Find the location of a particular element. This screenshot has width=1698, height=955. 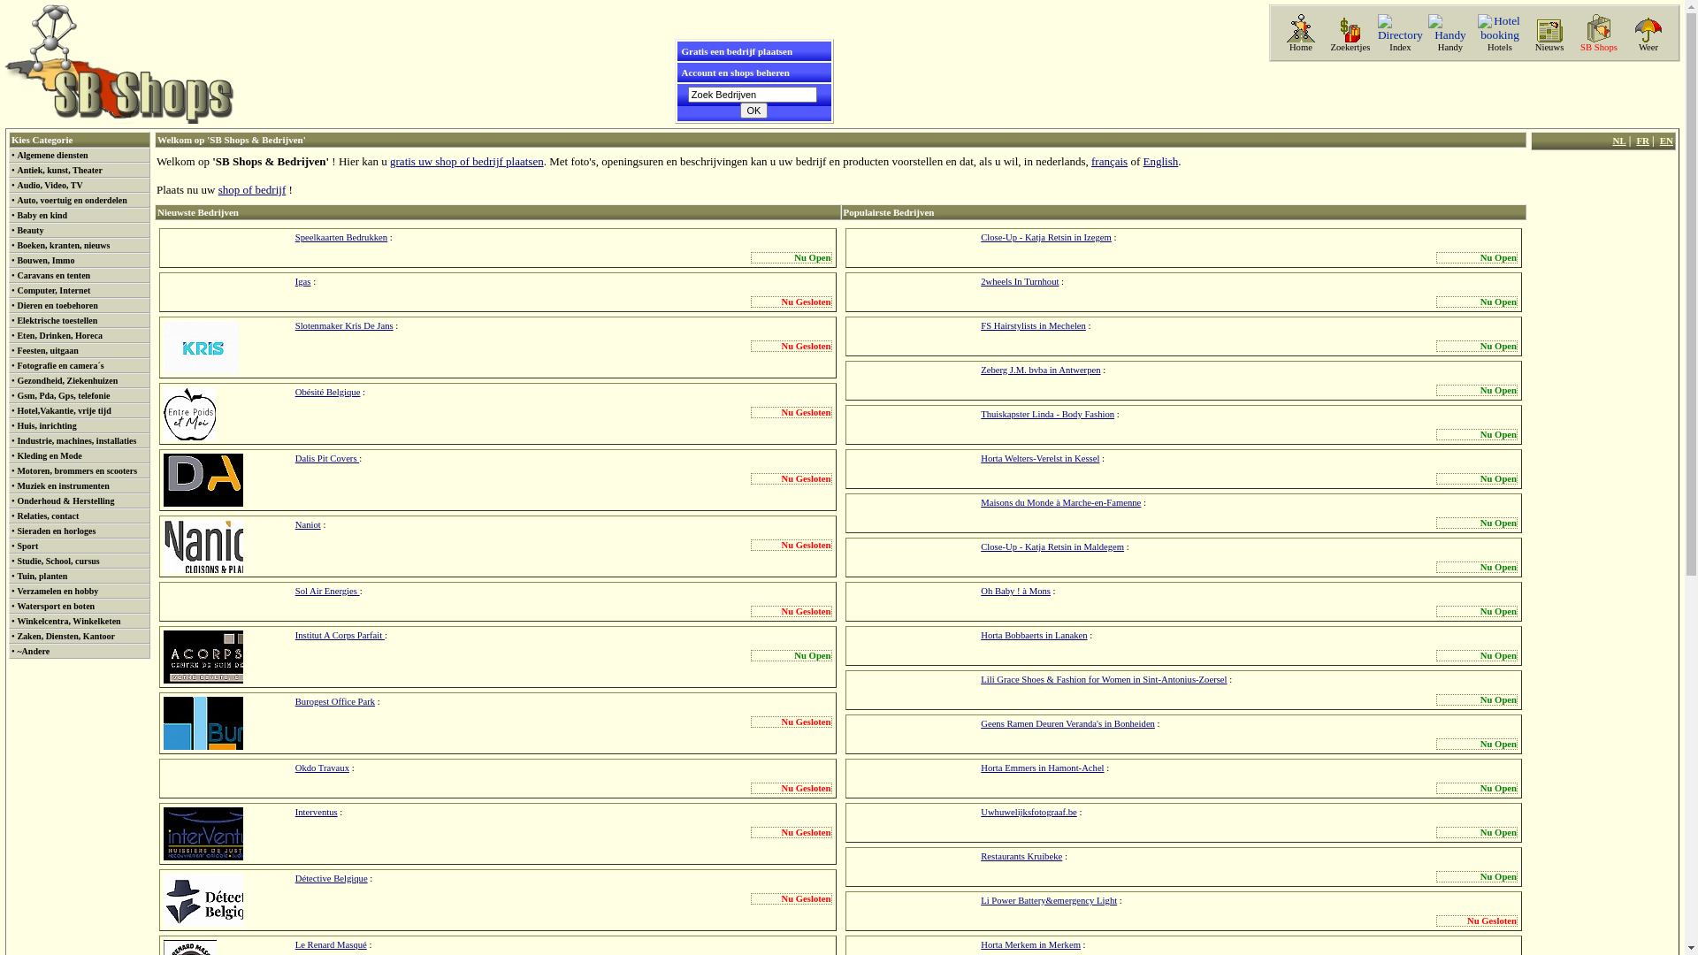

'Elektrische toestellen' is located at coordinates (57, 320).